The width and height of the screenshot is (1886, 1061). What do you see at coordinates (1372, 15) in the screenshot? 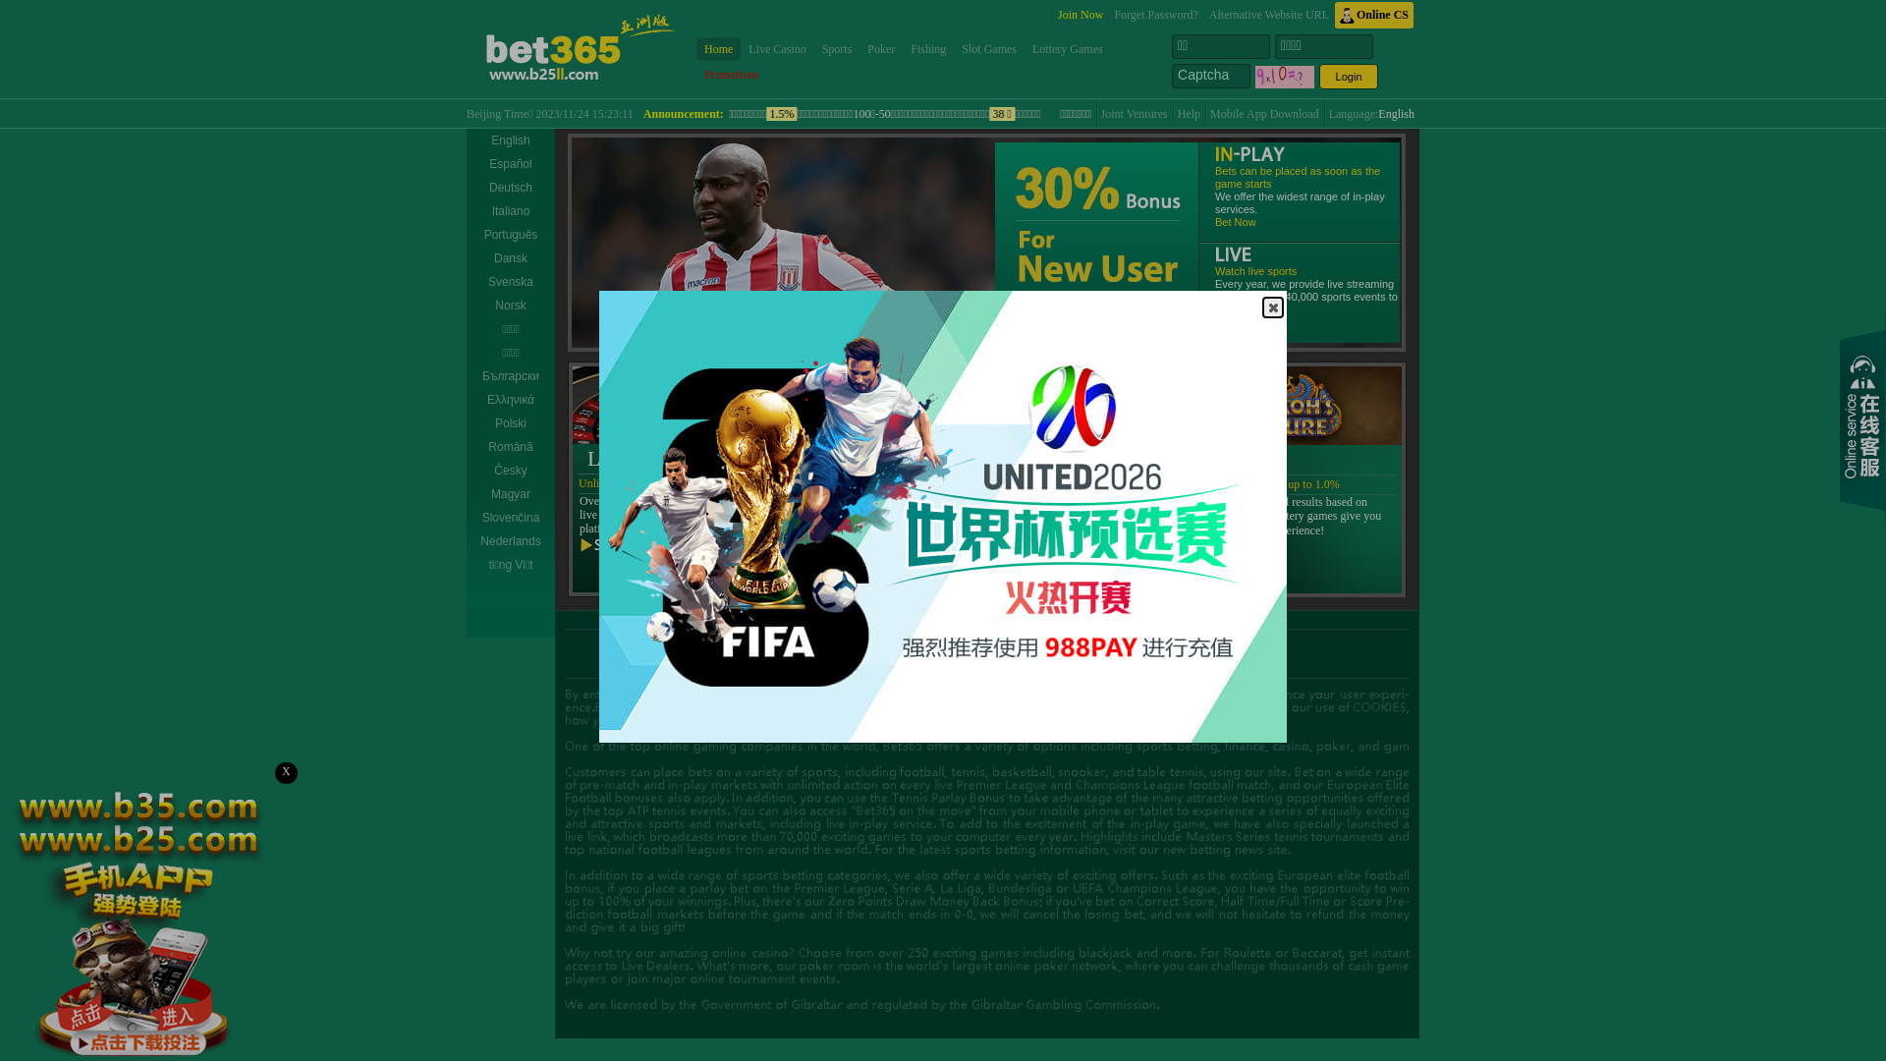
I see `'Online CS'` at bounding box center [1372, 15].